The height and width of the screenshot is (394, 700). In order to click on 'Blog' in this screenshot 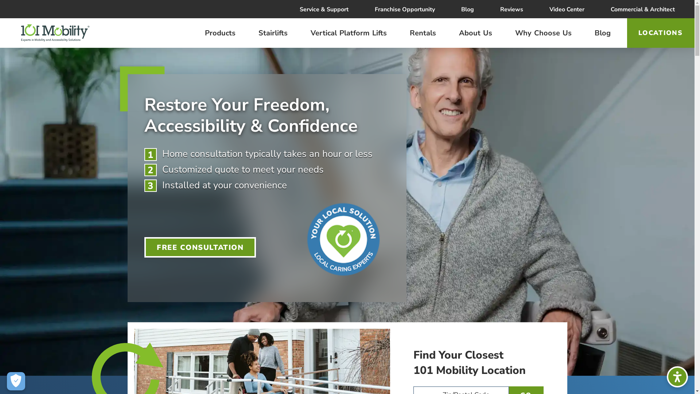, I will do `click(467, 9)`.